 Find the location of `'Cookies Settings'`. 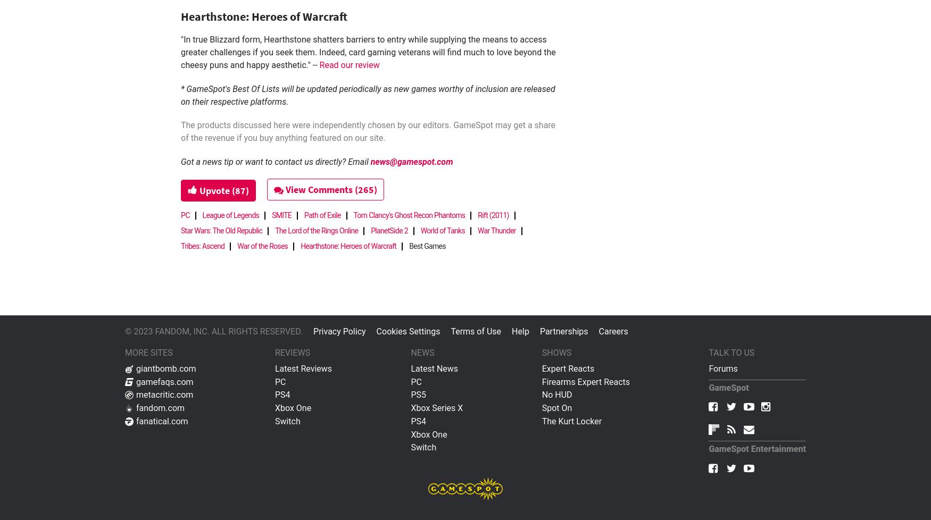

'Cookies Settings' is located at coordinates (408, 331).